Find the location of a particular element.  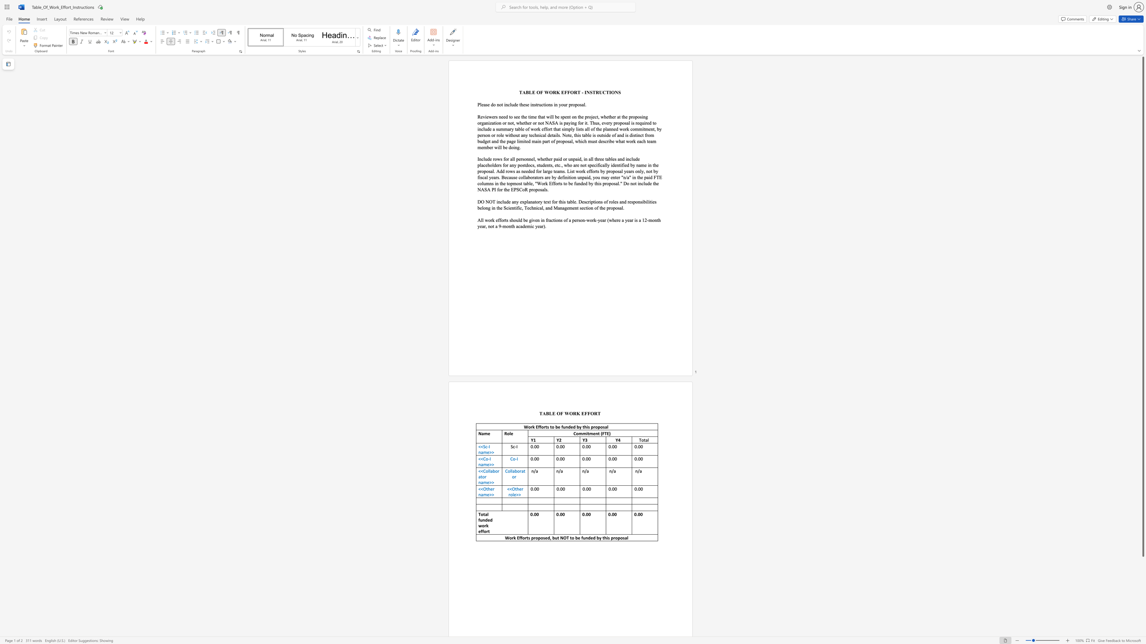

the right-hand scrollbar to descend the page is located at coordinates (1142, 620).